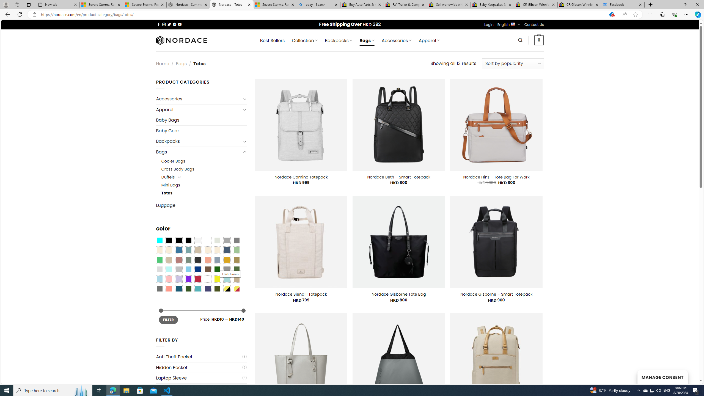  Describe the element at coordinates (217, 240) in the screenshot. I see `'Ash Gray'` at that location.